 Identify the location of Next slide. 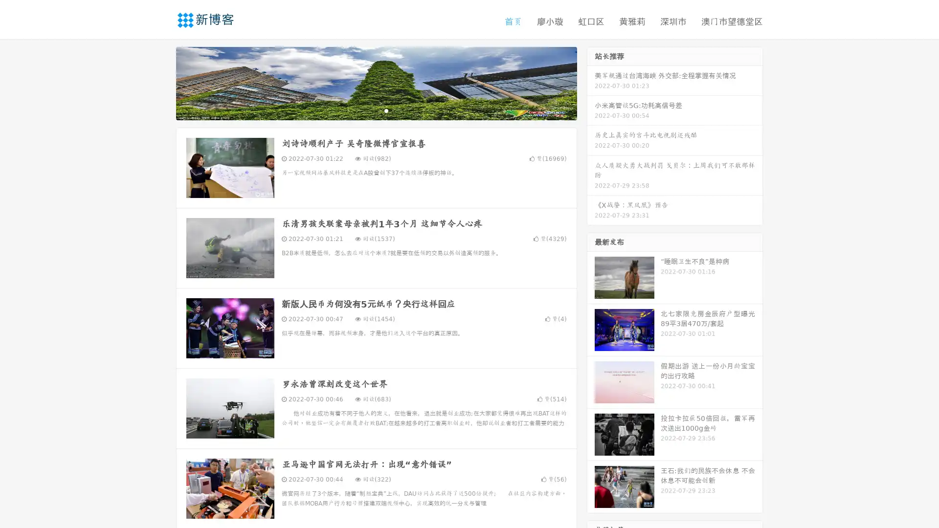
(591, 82).